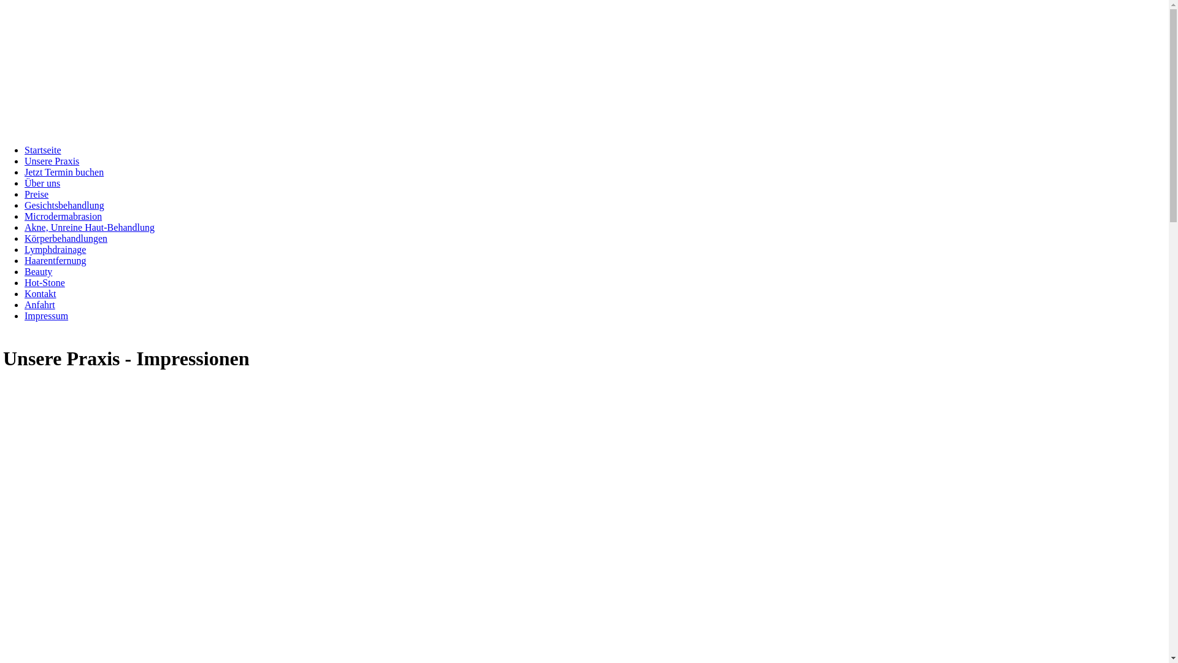  I want to click on 'Beauty', so click(38, 271).